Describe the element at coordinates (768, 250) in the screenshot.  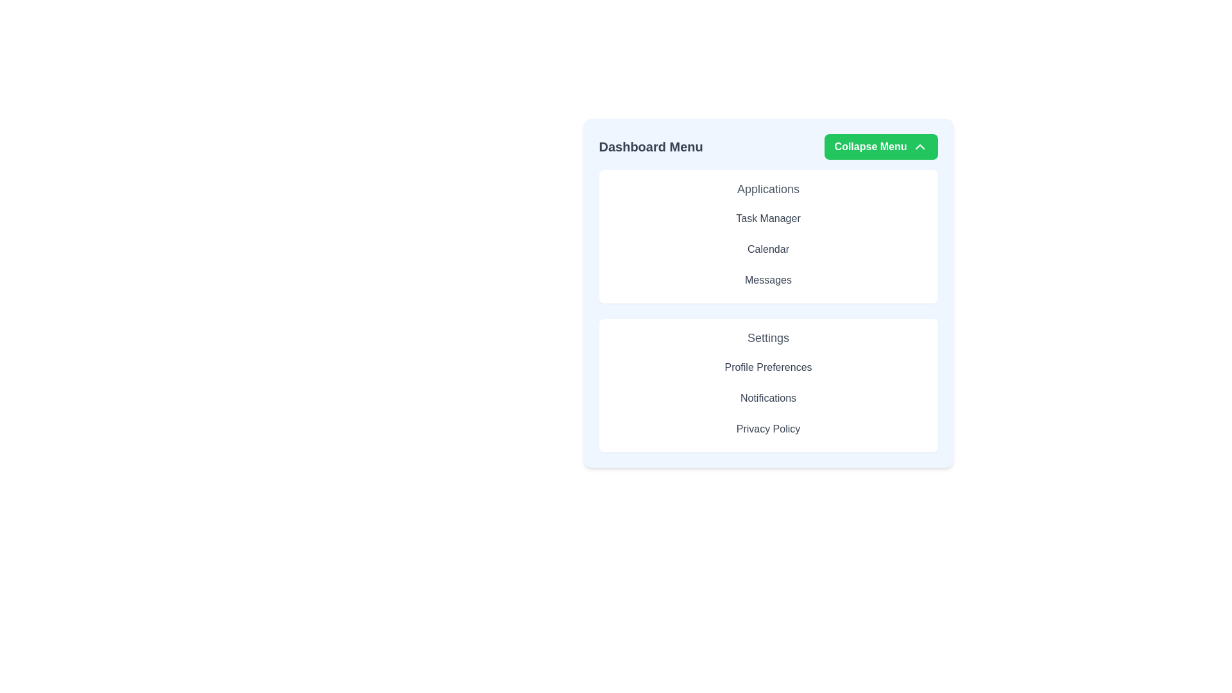
I see `the 'Task Manager', 'Calendar', or 'Messages' from the List of navigation links located in the 'Applications' section of the sidebar` at that location.